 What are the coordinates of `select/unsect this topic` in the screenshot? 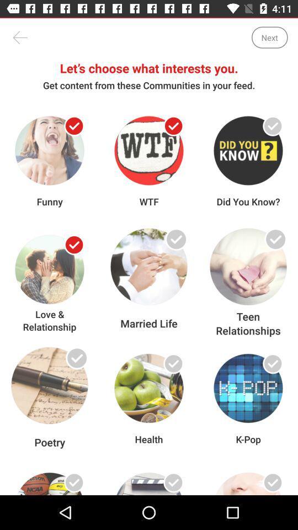 It's located at (74, 126).